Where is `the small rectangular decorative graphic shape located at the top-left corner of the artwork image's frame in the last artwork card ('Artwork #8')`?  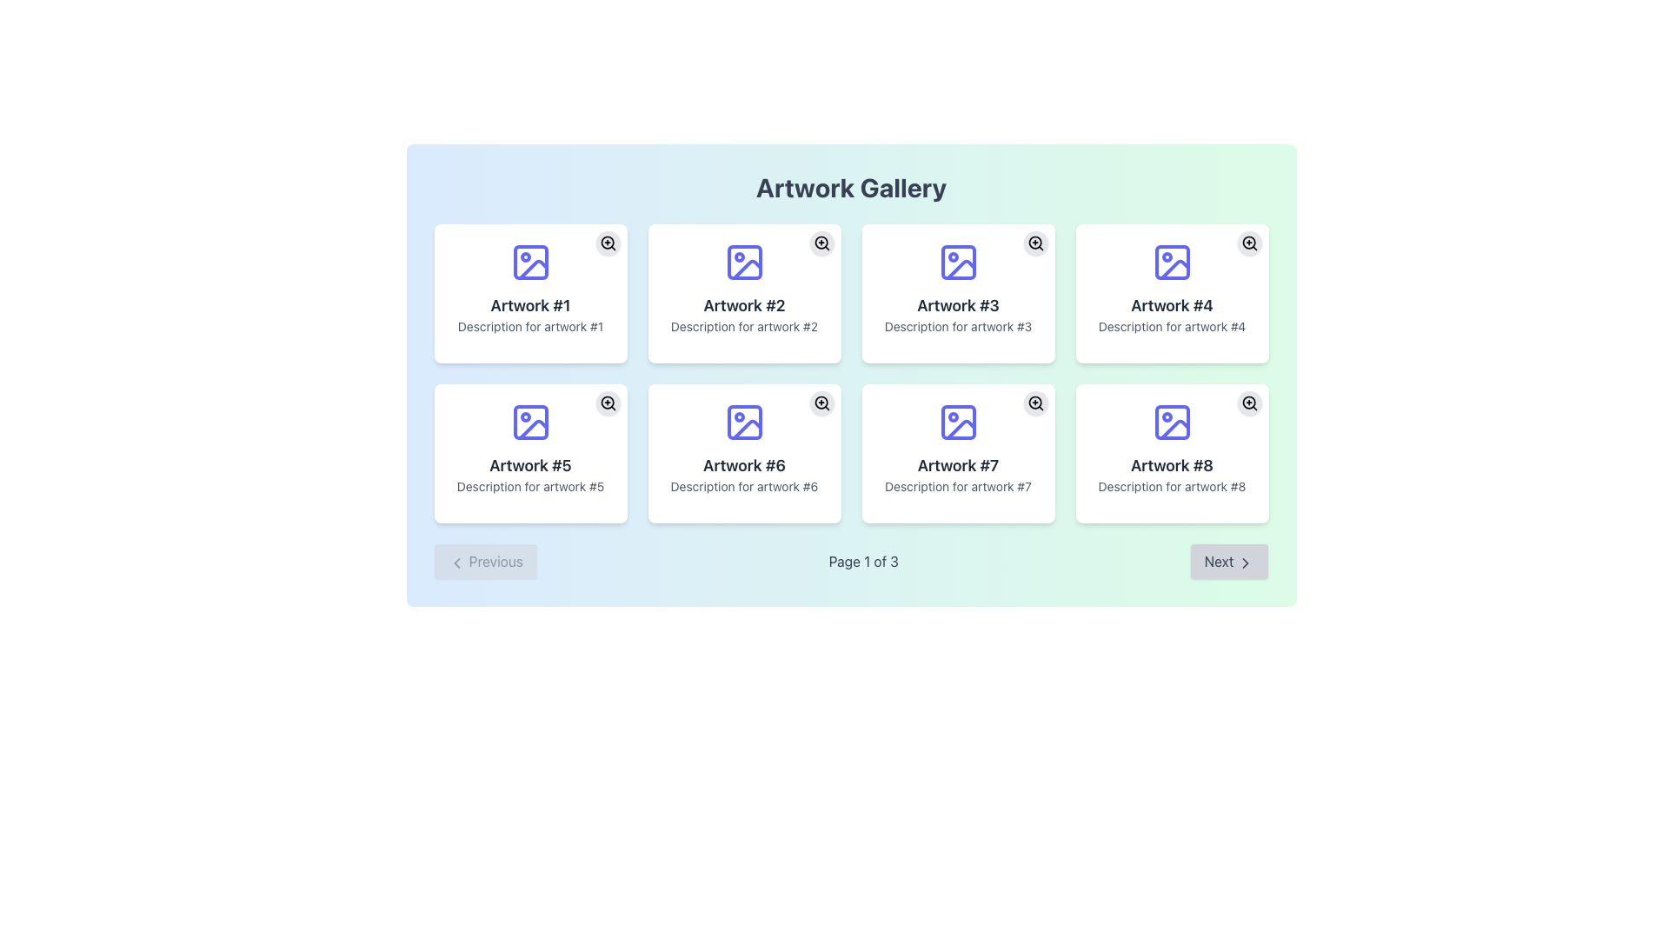
the small rectangular decorative graphic shape located at the top-left corner of the artwork image's frame in the last artwork card ('Artwork #8') is located at coordinates (1172, 423).